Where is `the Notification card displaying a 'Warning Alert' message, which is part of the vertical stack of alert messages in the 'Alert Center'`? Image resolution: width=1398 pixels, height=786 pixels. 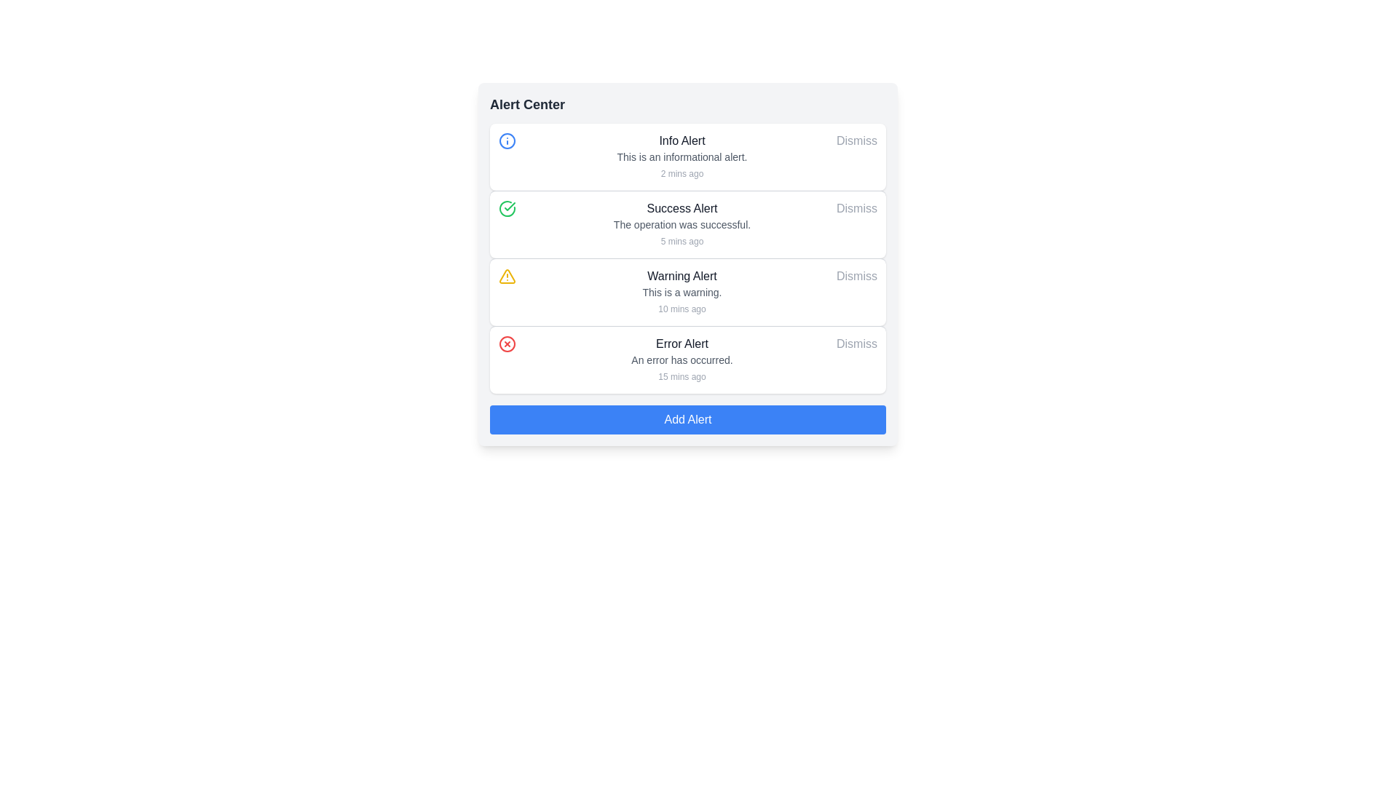
the Notification card displaying a 'Warning Alert' message, which is part of the vertical stack of alert messages in the 'Alert Center' is located at coordinates (681, 292).